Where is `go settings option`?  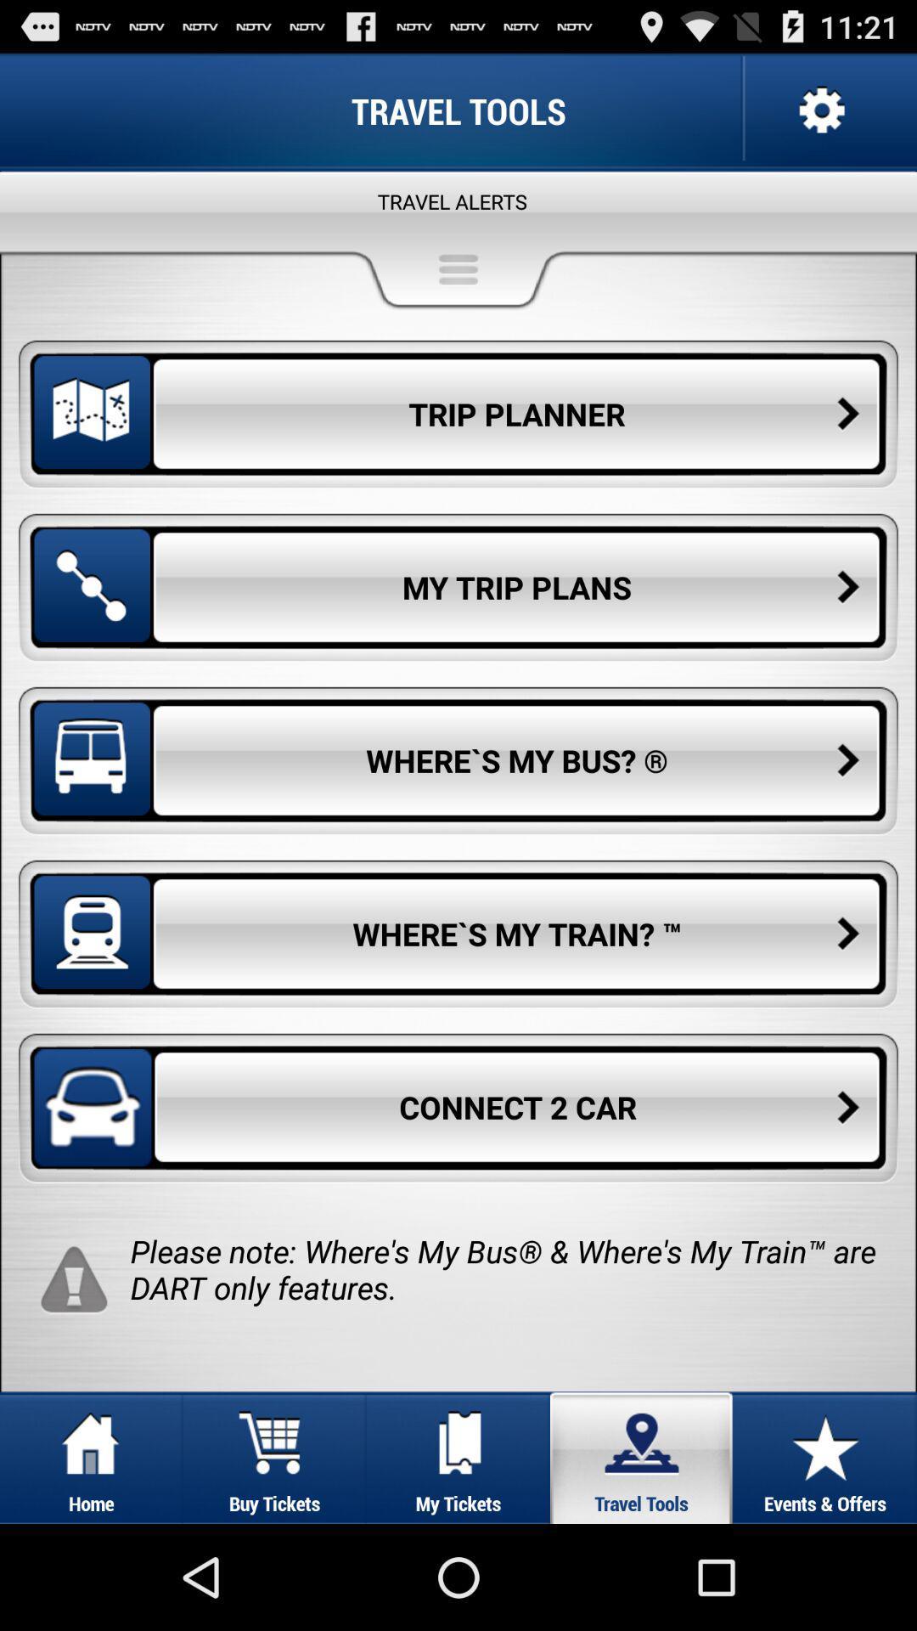
go settings option is located at coordinates (819, 110).